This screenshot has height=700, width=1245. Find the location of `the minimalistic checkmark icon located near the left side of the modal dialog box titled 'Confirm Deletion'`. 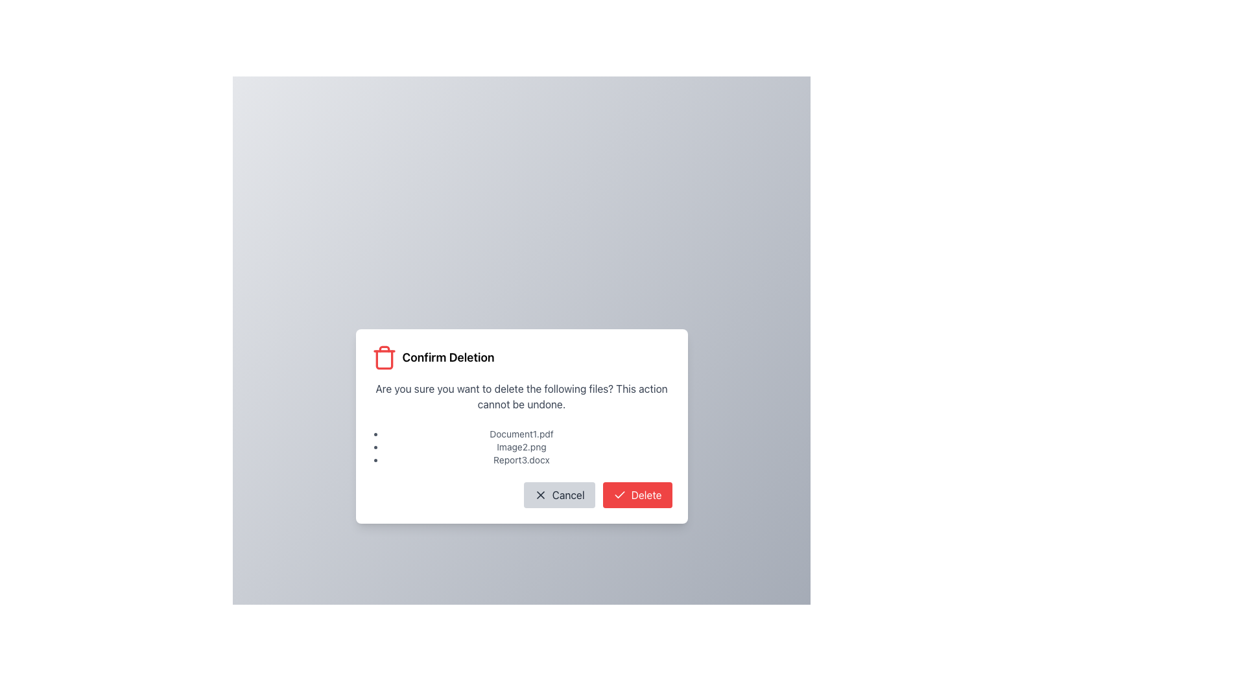

the minimalistic checkmark icon located near the left side of the modal dialog box titled 'Confirm Deletion' is located at coordinates (619, 495).